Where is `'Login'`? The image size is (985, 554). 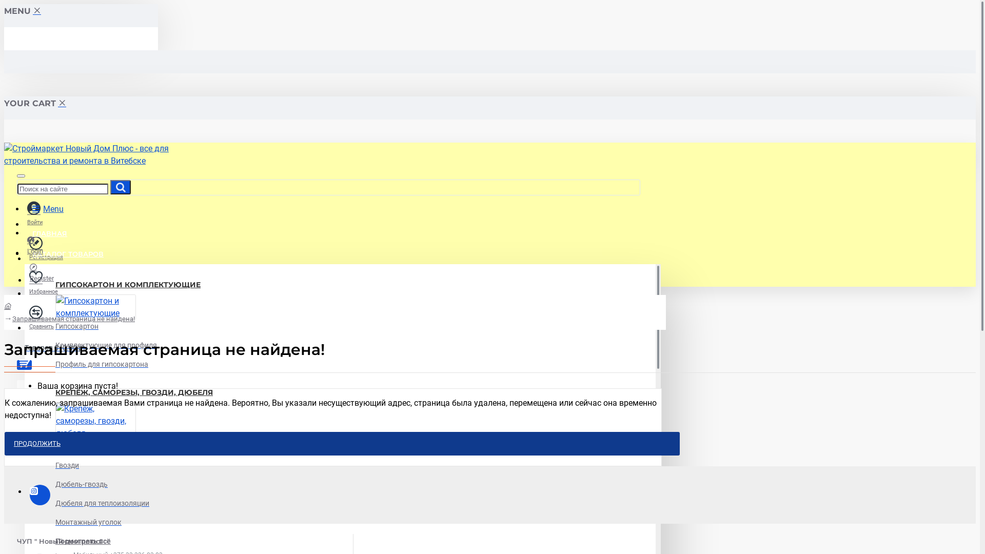 'Login' is located at coordinates (25, 245).